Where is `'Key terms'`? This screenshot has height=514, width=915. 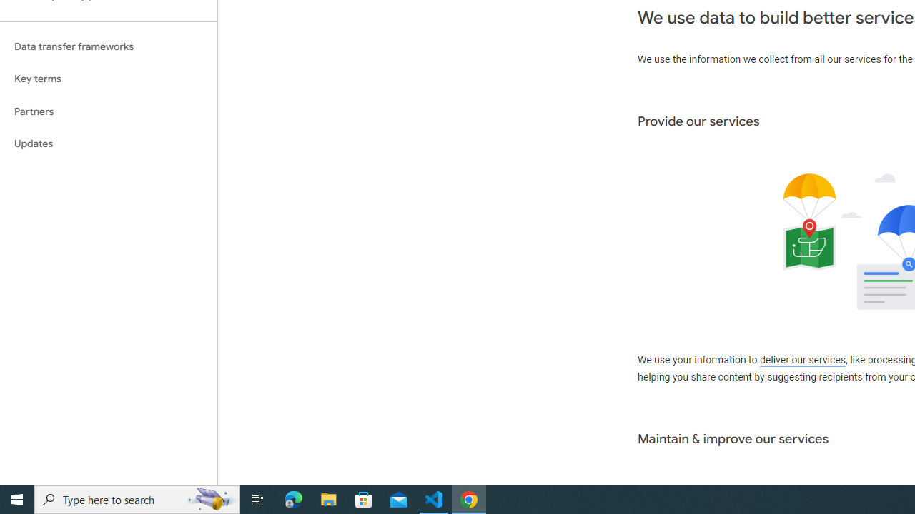 'Key terms' is located at coordinates (108, 79).